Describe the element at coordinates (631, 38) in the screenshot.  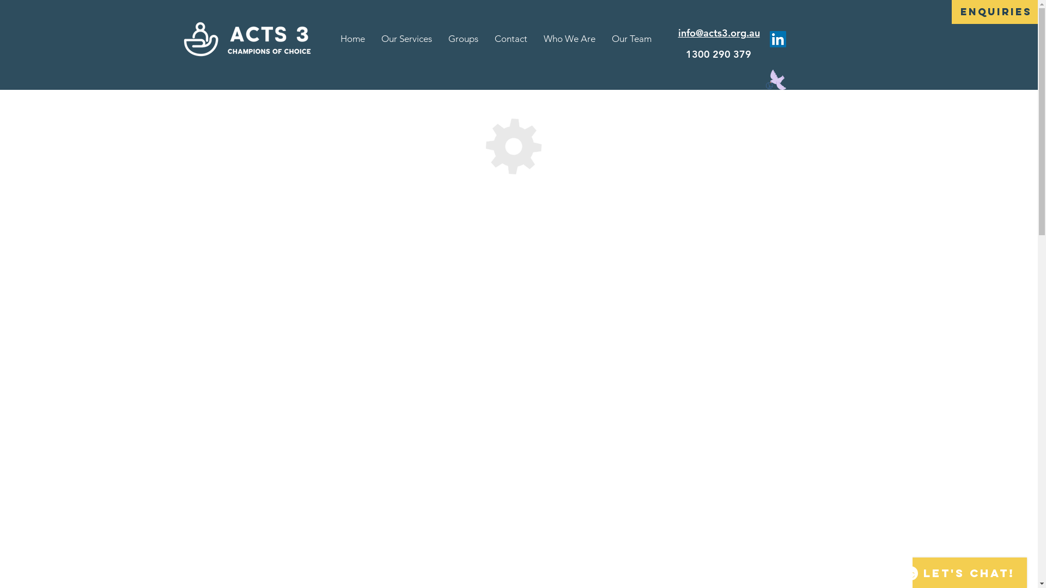
I see `'Our Team'` at that location.